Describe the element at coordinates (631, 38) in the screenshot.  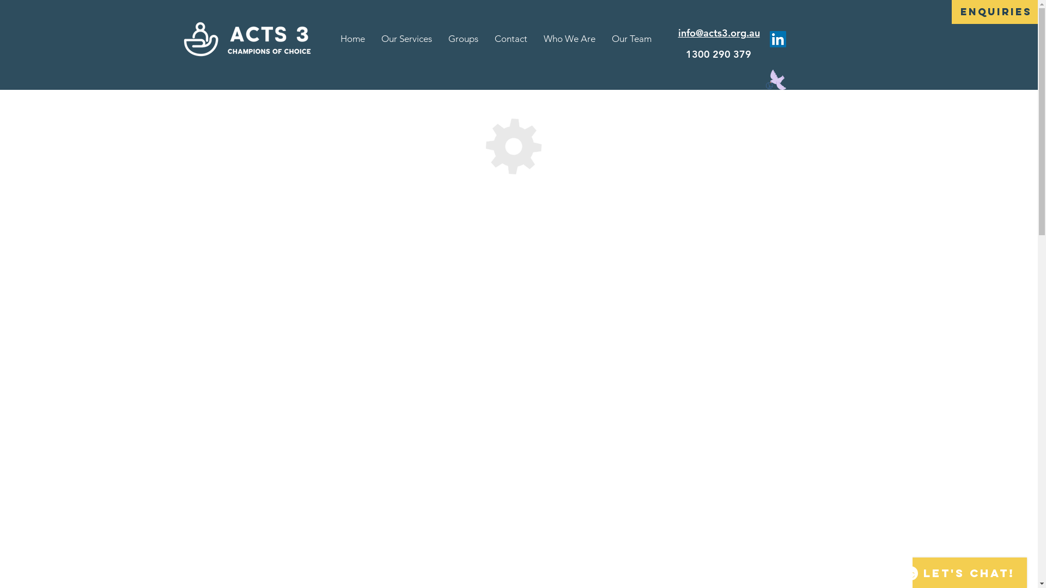
I see `'Our Team'` at that location.